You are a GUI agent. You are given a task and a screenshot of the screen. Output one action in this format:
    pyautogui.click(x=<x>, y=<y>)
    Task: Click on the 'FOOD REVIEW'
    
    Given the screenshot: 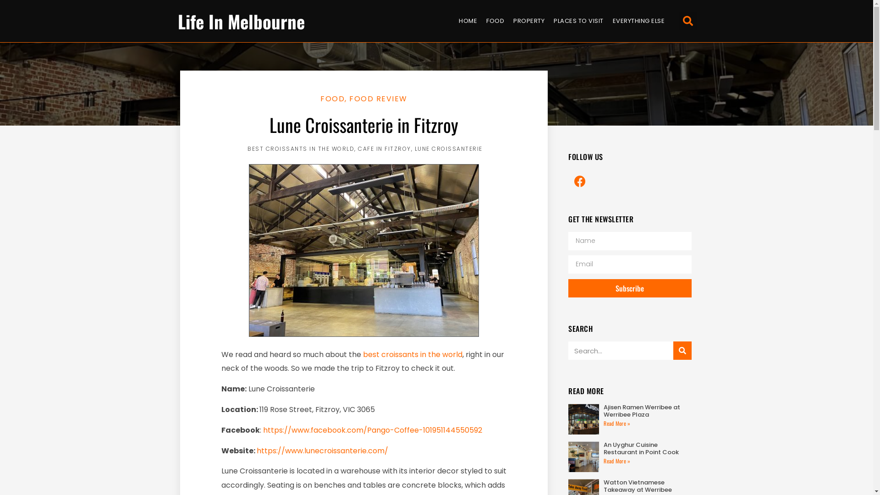 What is the action you would take?
    pyautogui.click(x=378, y=99)
    